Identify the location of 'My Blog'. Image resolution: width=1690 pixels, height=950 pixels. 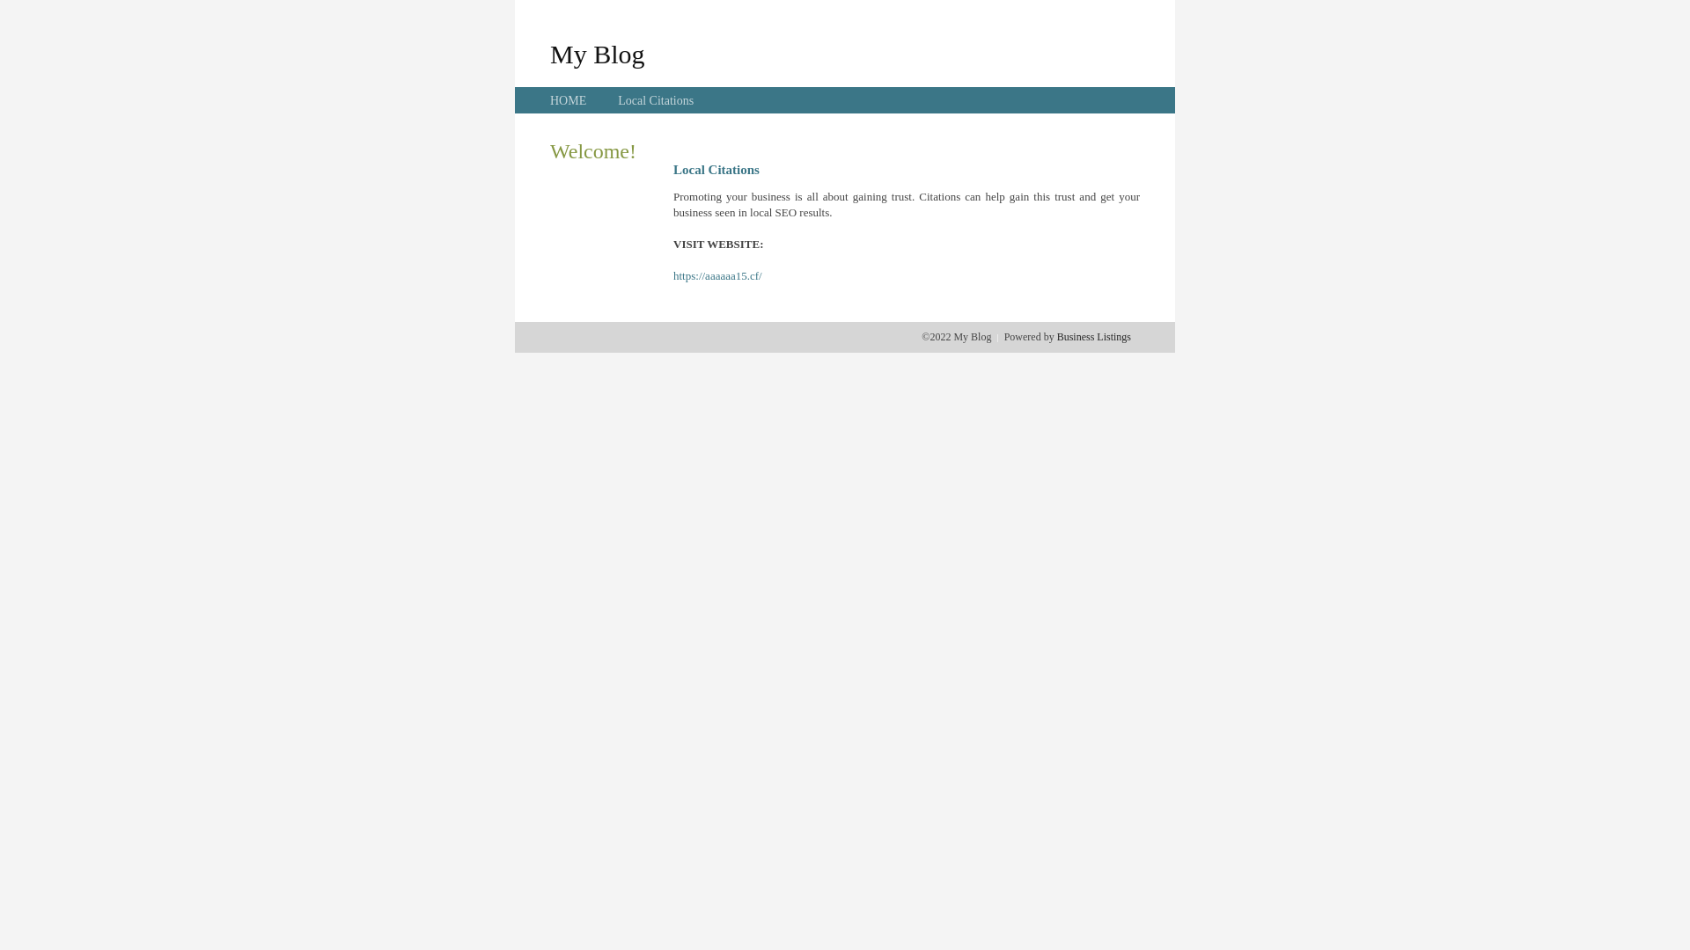
(548, 53).